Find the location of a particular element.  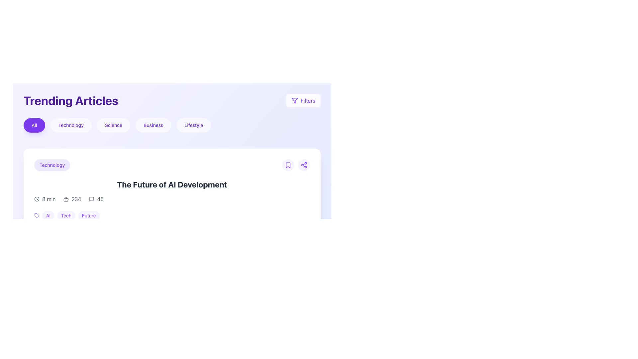

the visual representation of the violet tag icon, which is a vector graphic located in the bottom-left section of the card-like UI block is located at coordinates (36, 215).